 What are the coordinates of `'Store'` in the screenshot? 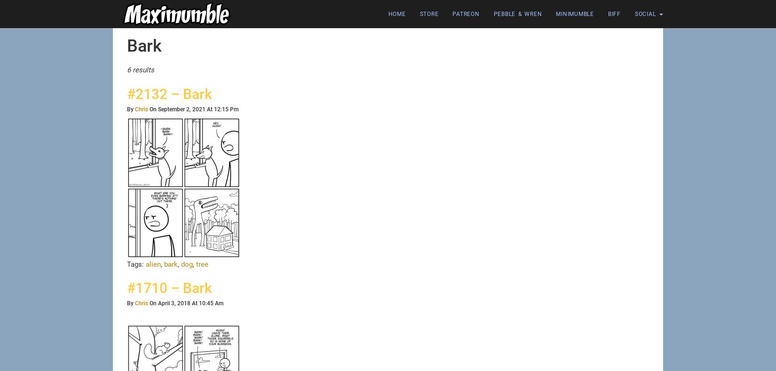 It's located at (428, 14).